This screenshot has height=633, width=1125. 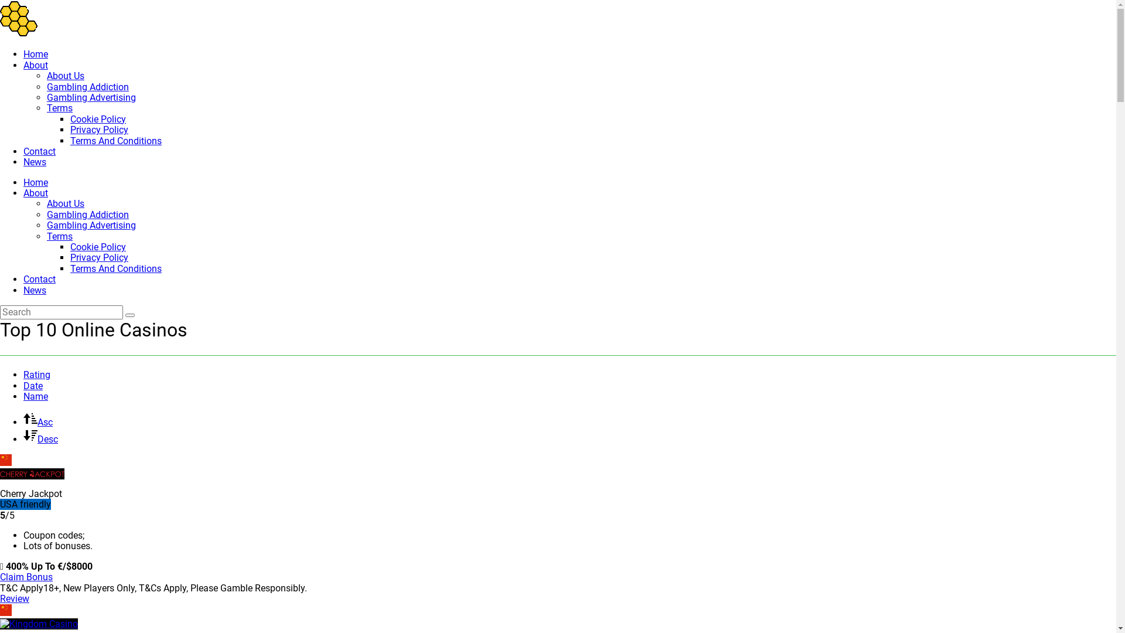 What do you see at coordinates (59, 108) in the screenshot?
I see `'Terms'` at bounding box center [59, 108].